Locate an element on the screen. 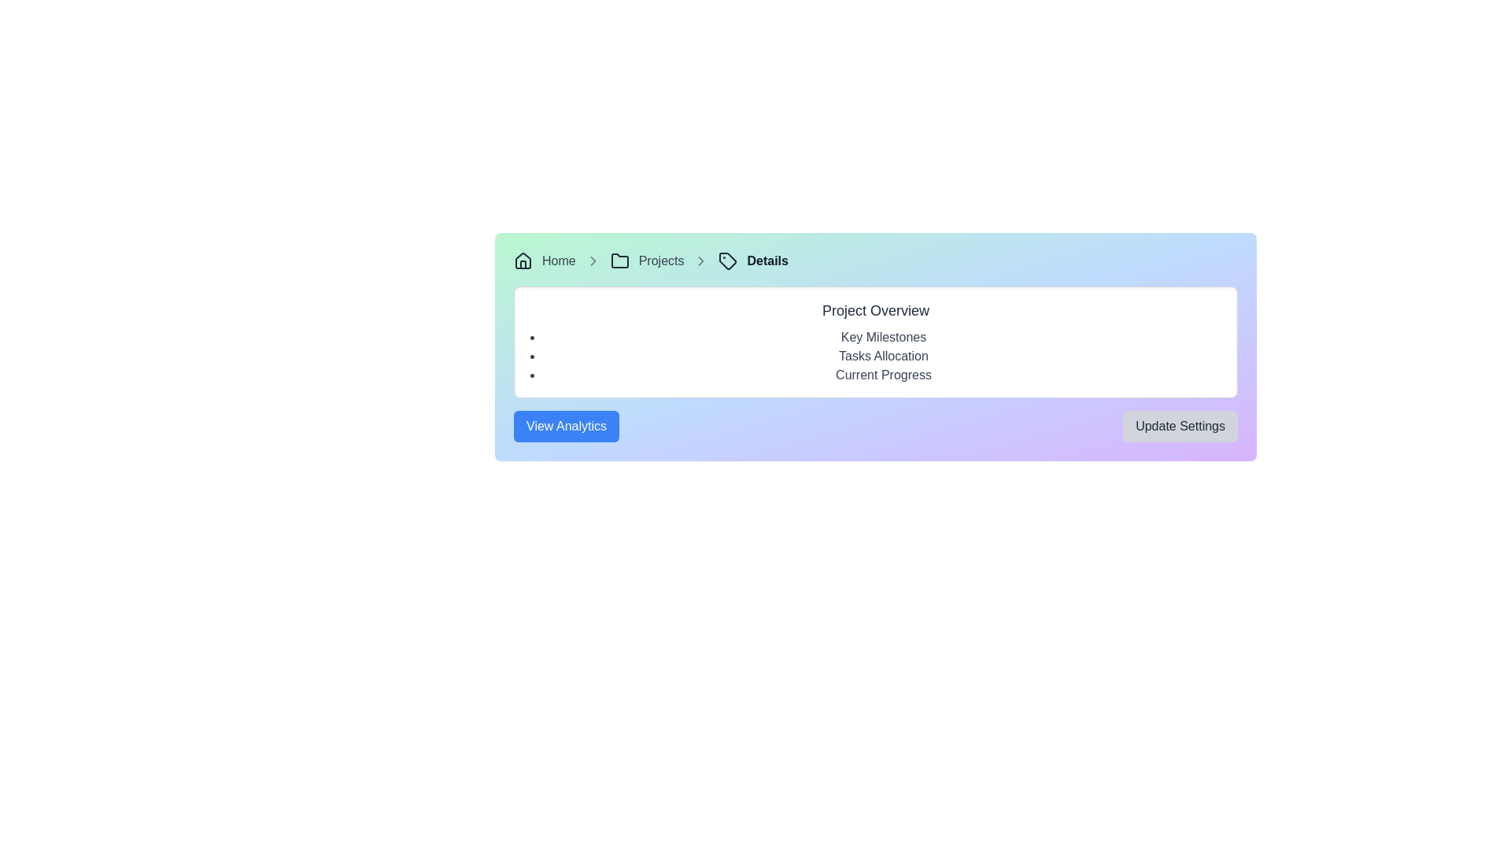 The height and width of the screenshot is (850, 1511). the text label 'Project Overview' which is styled in bold, medium size, and dark gray color, positioned at the top of the project details section is located at coordinates (875, 310).